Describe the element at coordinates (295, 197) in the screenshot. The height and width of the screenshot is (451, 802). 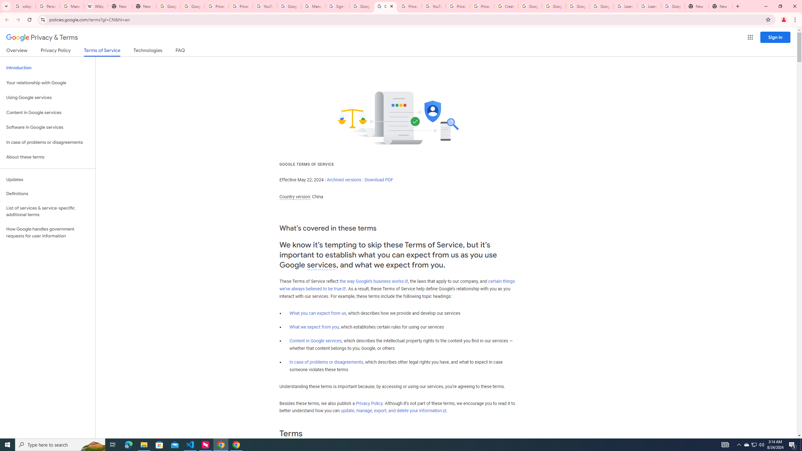
I see `'Country version:'` at that location.